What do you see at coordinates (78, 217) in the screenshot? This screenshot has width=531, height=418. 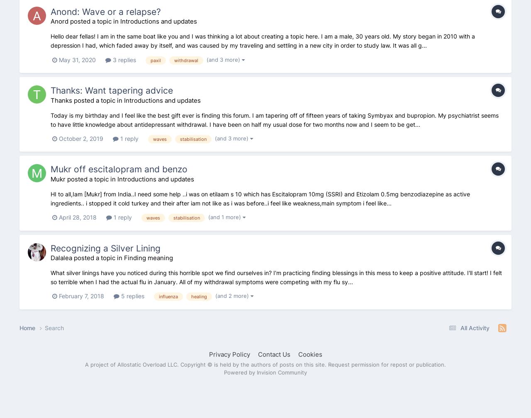 I see `'April 28, 2018'` at bounding box center [78, 217].